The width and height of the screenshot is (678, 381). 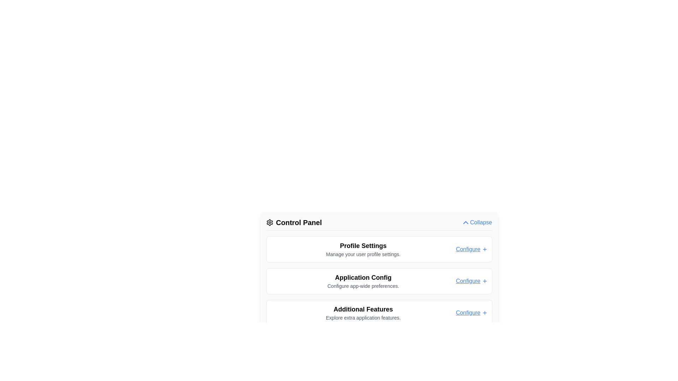 What do you see at coordinates (471, 313) in the screenshot?
I see `the rightmost Text Link with Icon within the 'Additional Features' panel` at bounding box center [471, 313].